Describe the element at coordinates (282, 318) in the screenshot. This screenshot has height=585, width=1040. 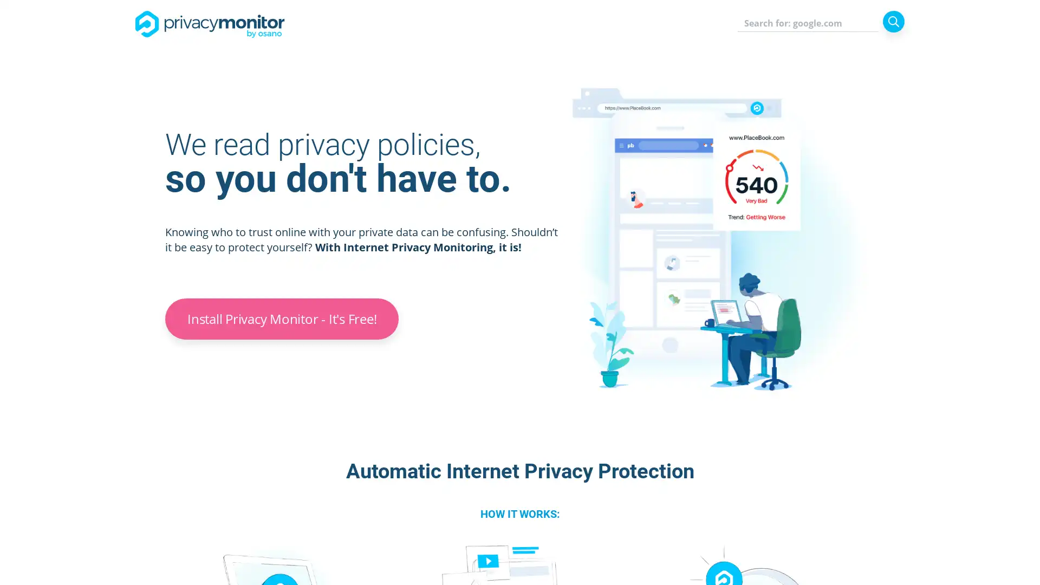
I see `Install Privacy Monitor - It's Free!` at that location.